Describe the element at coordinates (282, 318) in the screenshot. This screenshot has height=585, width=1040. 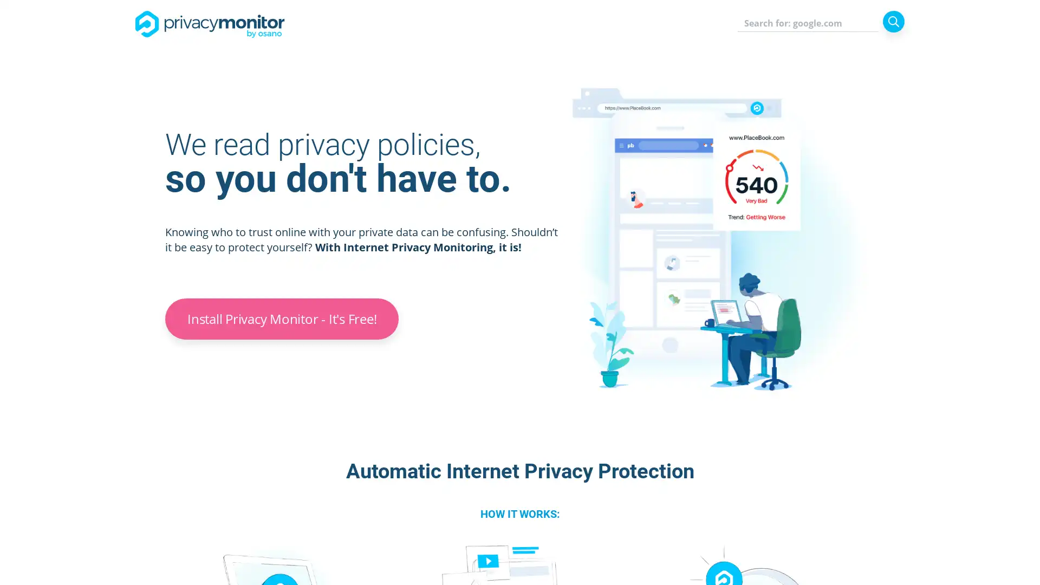
I see `Install Privacy Monitor - It's Free!` at that location.